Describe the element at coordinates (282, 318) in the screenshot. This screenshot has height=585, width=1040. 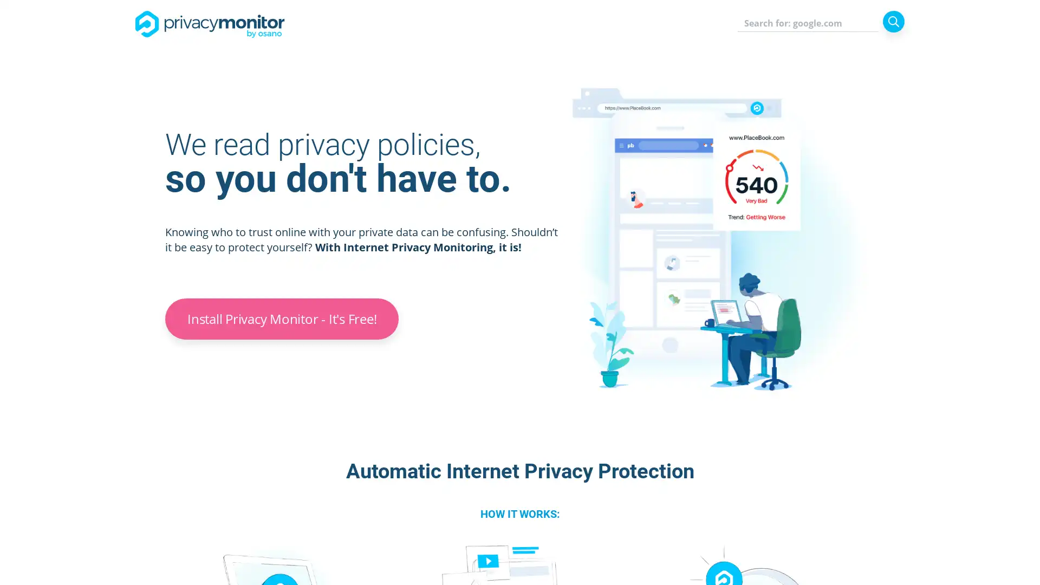
I see `Install Privacy Monitor - It's Free!` at that location.